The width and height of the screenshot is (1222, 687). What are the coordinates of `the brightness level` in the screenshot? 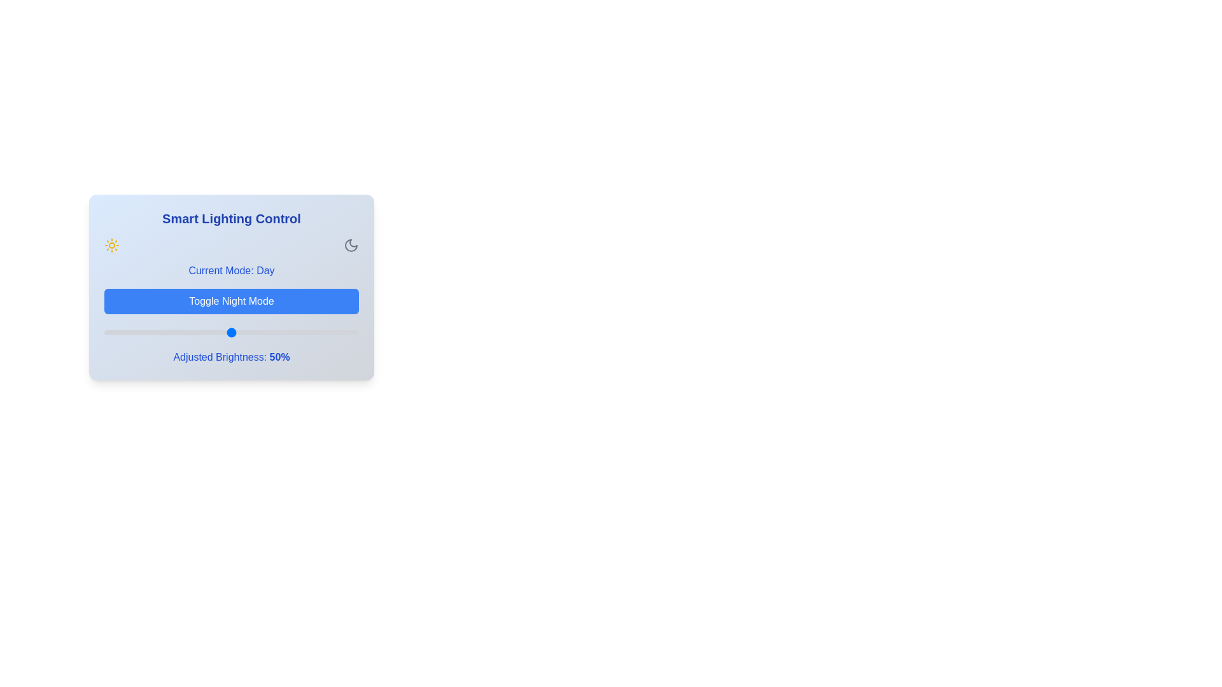 It's located at (333, 332).